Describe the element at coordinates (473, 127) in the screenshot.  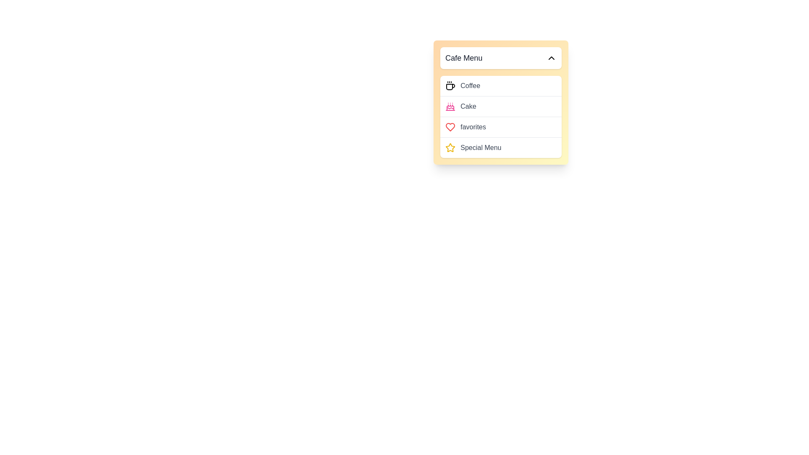
I see `text label 'favorites' which is styled in gray and is part of the dropdown menu titled 'Cafe Menu'` at that location.